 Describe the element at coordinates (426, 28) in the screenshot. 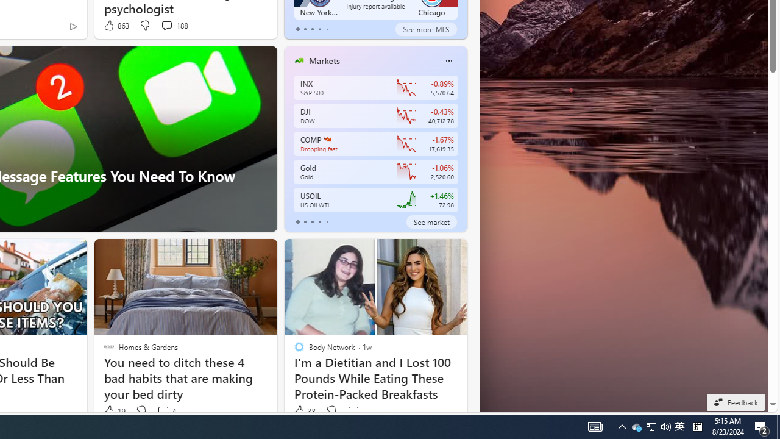

I see `'See more MLS'` at that location.